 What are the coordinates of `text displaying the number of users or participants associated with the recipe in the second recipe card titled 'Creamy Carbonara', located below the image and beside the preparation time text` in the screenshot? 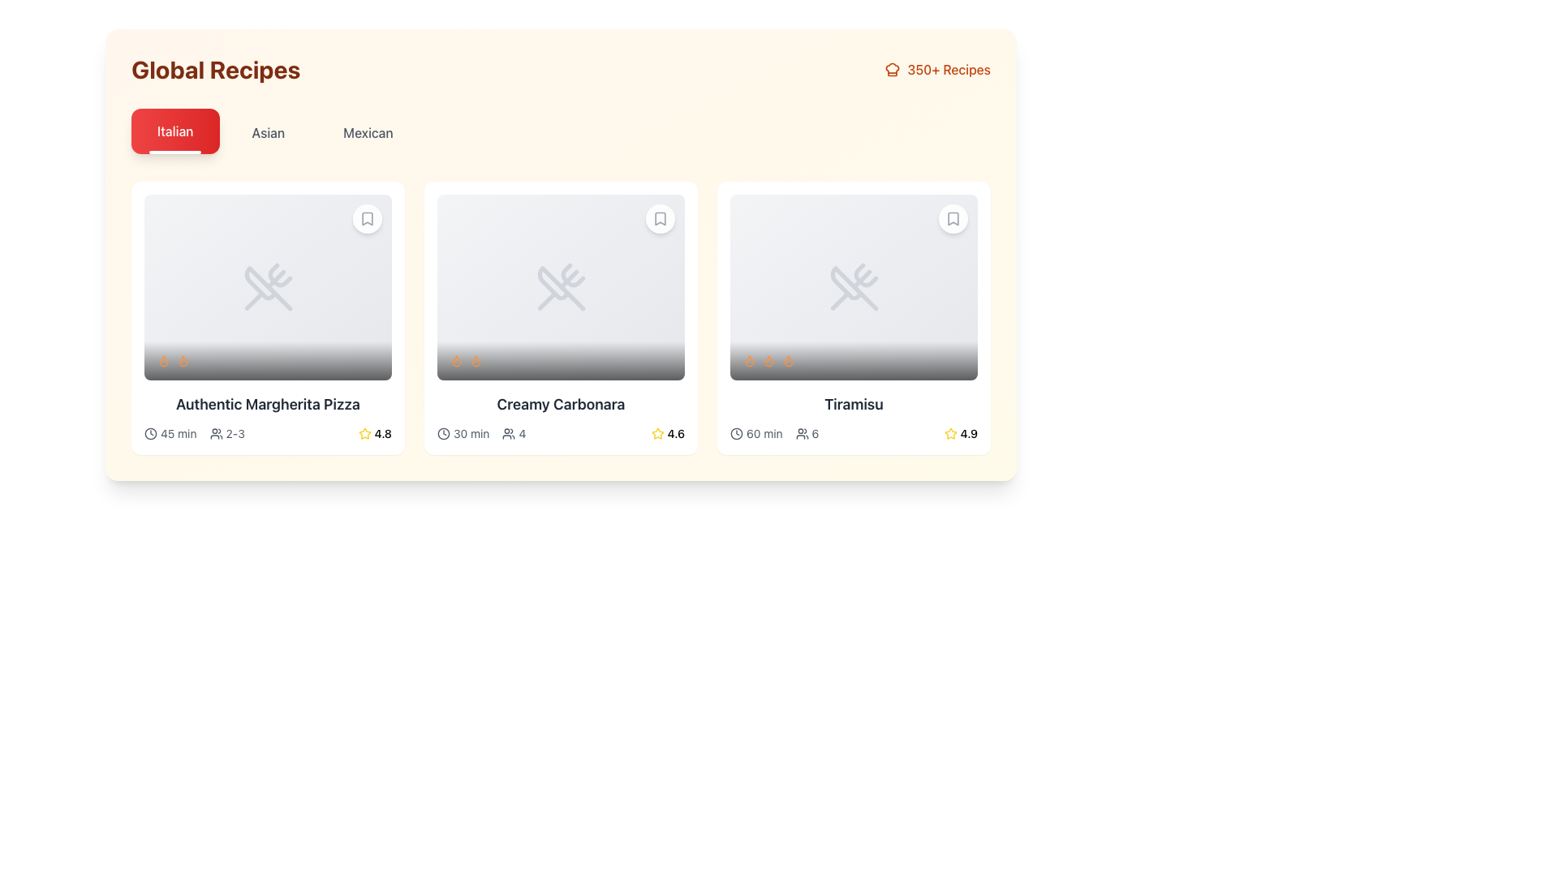 It's located at (513, 432).